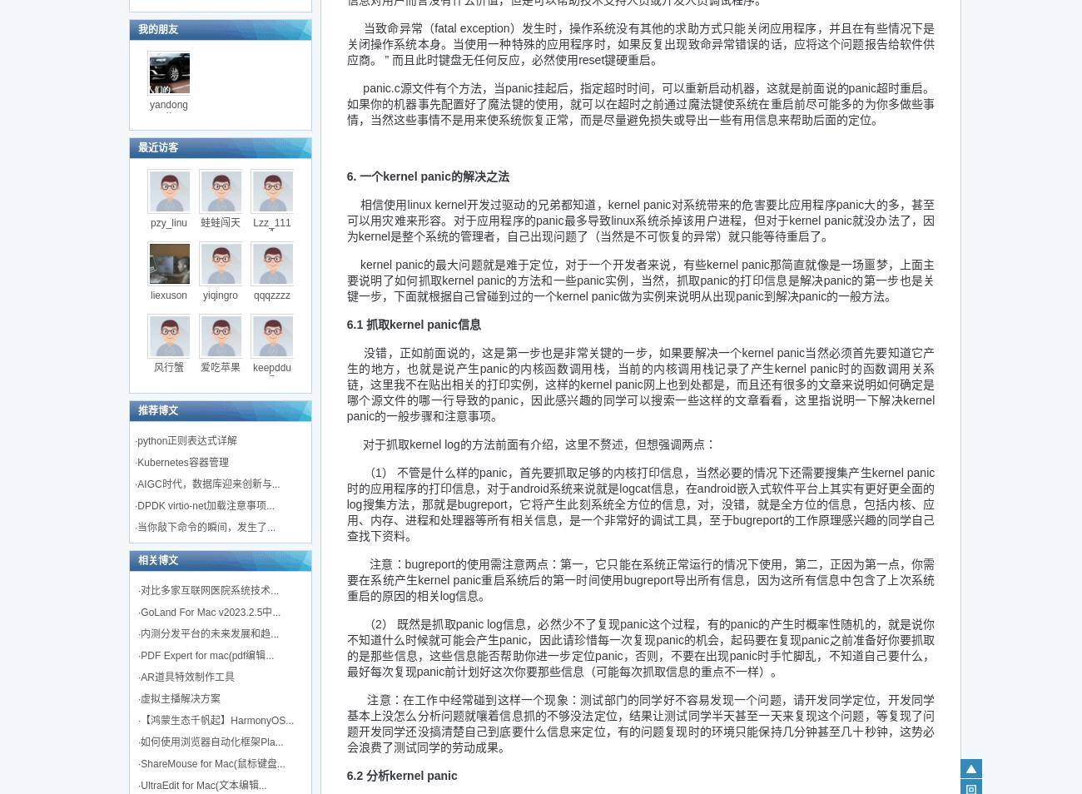  What do you see at coordinates (252, 295) in the screenshot?
I see `'qqqzzzz'` at bounding box center [252, 295].